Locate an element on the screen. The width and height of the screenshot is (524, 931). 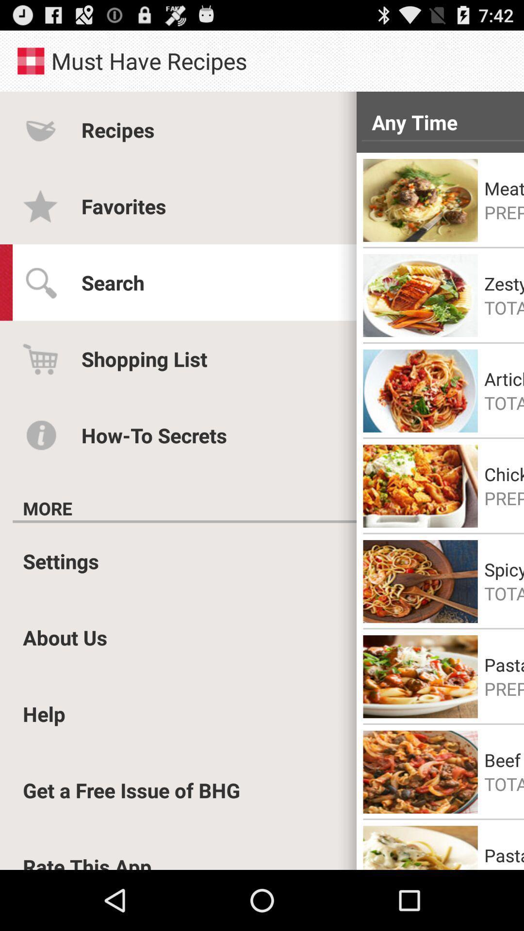
the zesty salmon pasta item is located at coordinates (504, 283).